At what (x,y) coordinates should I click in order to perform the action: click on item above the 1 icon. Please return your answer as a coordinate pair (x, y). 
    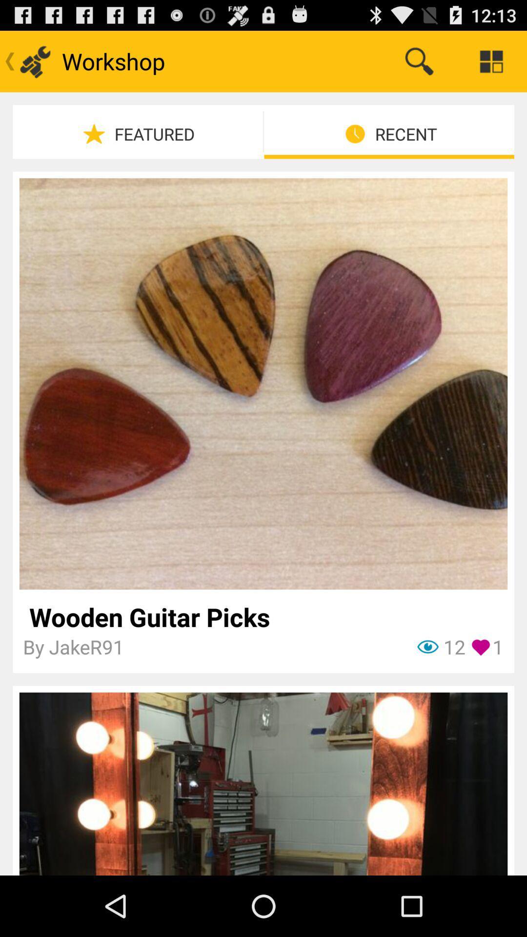
    Looking at the image, I should click on (263, 616).